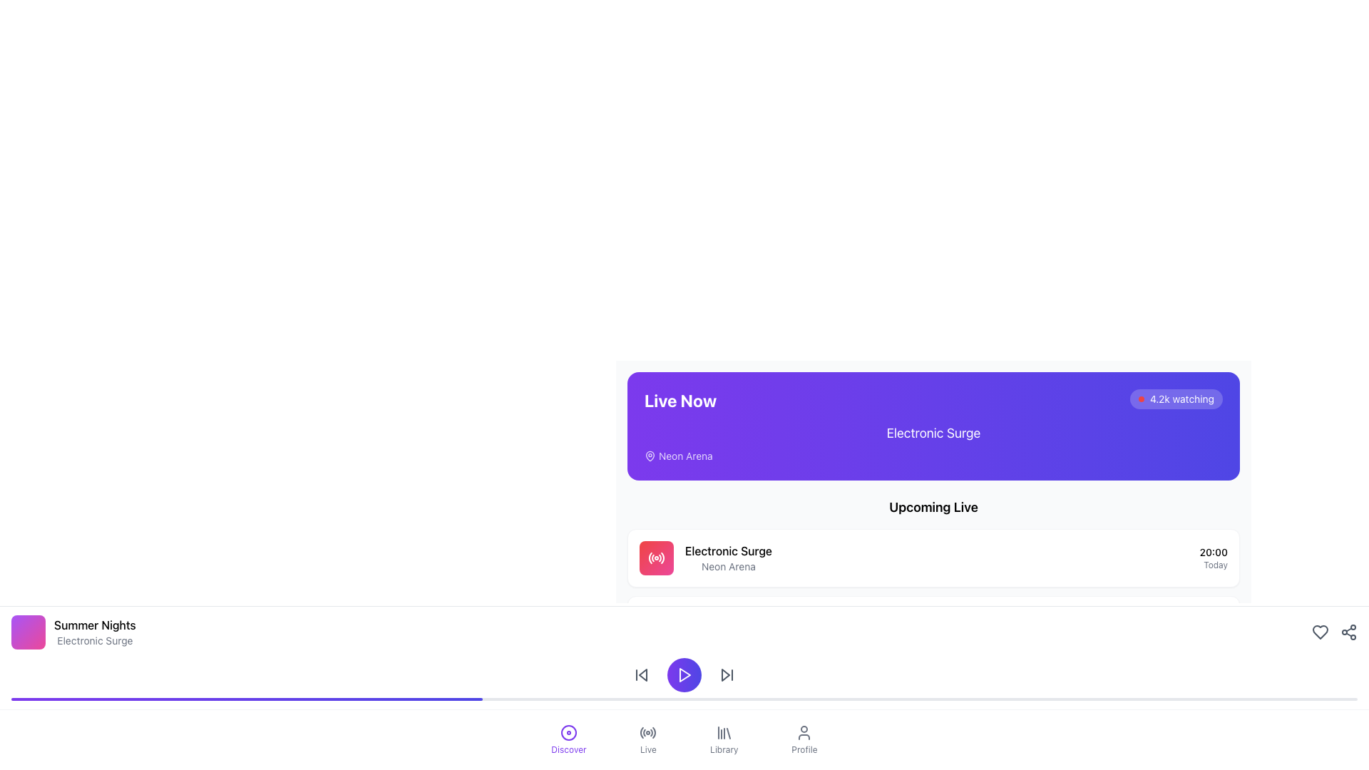 The height and width of the screenshot is (770, 1369). I want to click on the text block displaying 'Electronic Surge' and 'Neon Arena' that is centrally positioned below the 'Live Now' header, so click(933, 442).